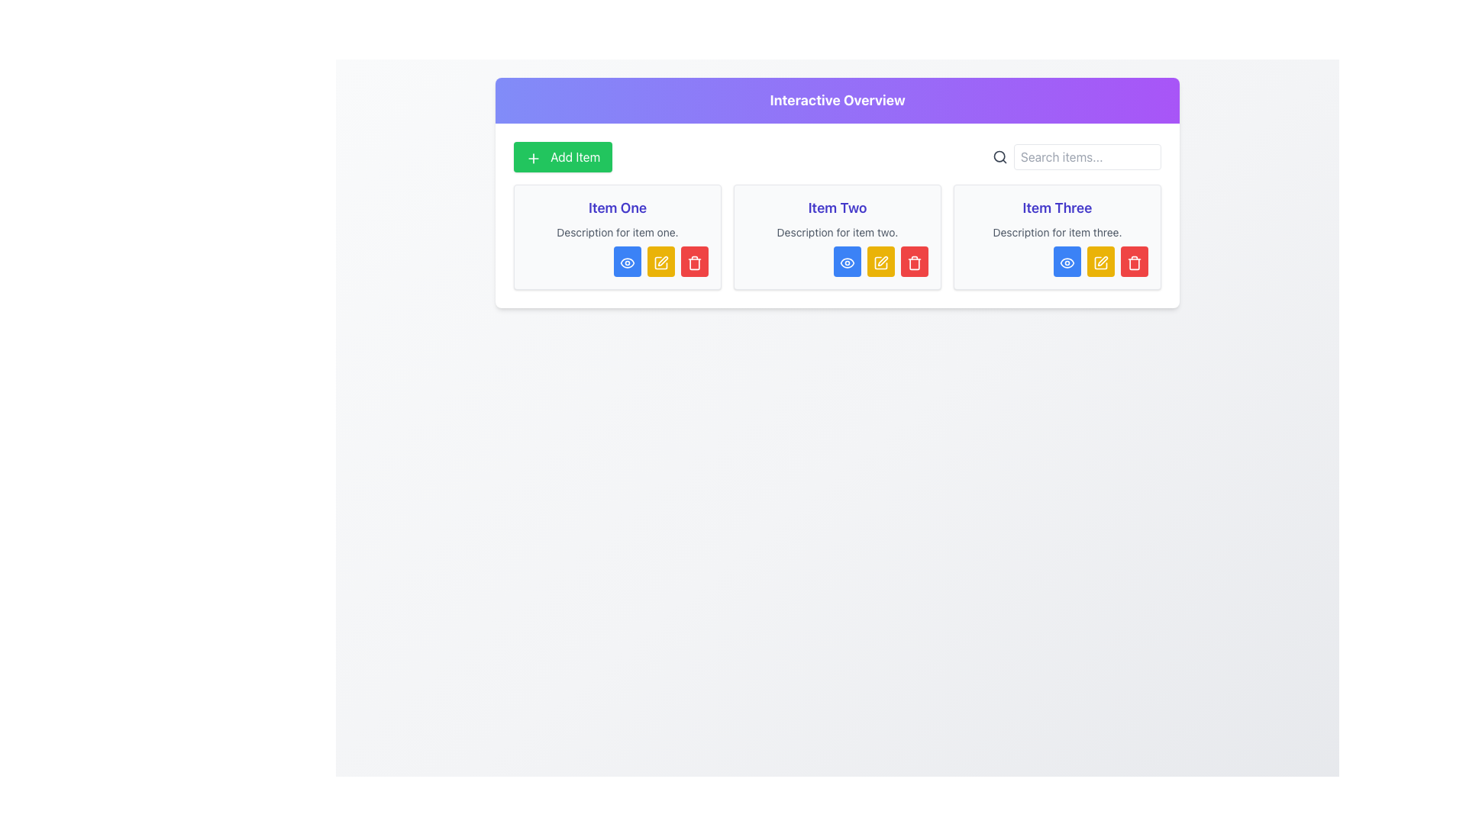 This screenshot has height=824, width=1466. I want to click on the Text Label that identifies the grouping of related information above the description 'Description for item one.', so click(618, 208).